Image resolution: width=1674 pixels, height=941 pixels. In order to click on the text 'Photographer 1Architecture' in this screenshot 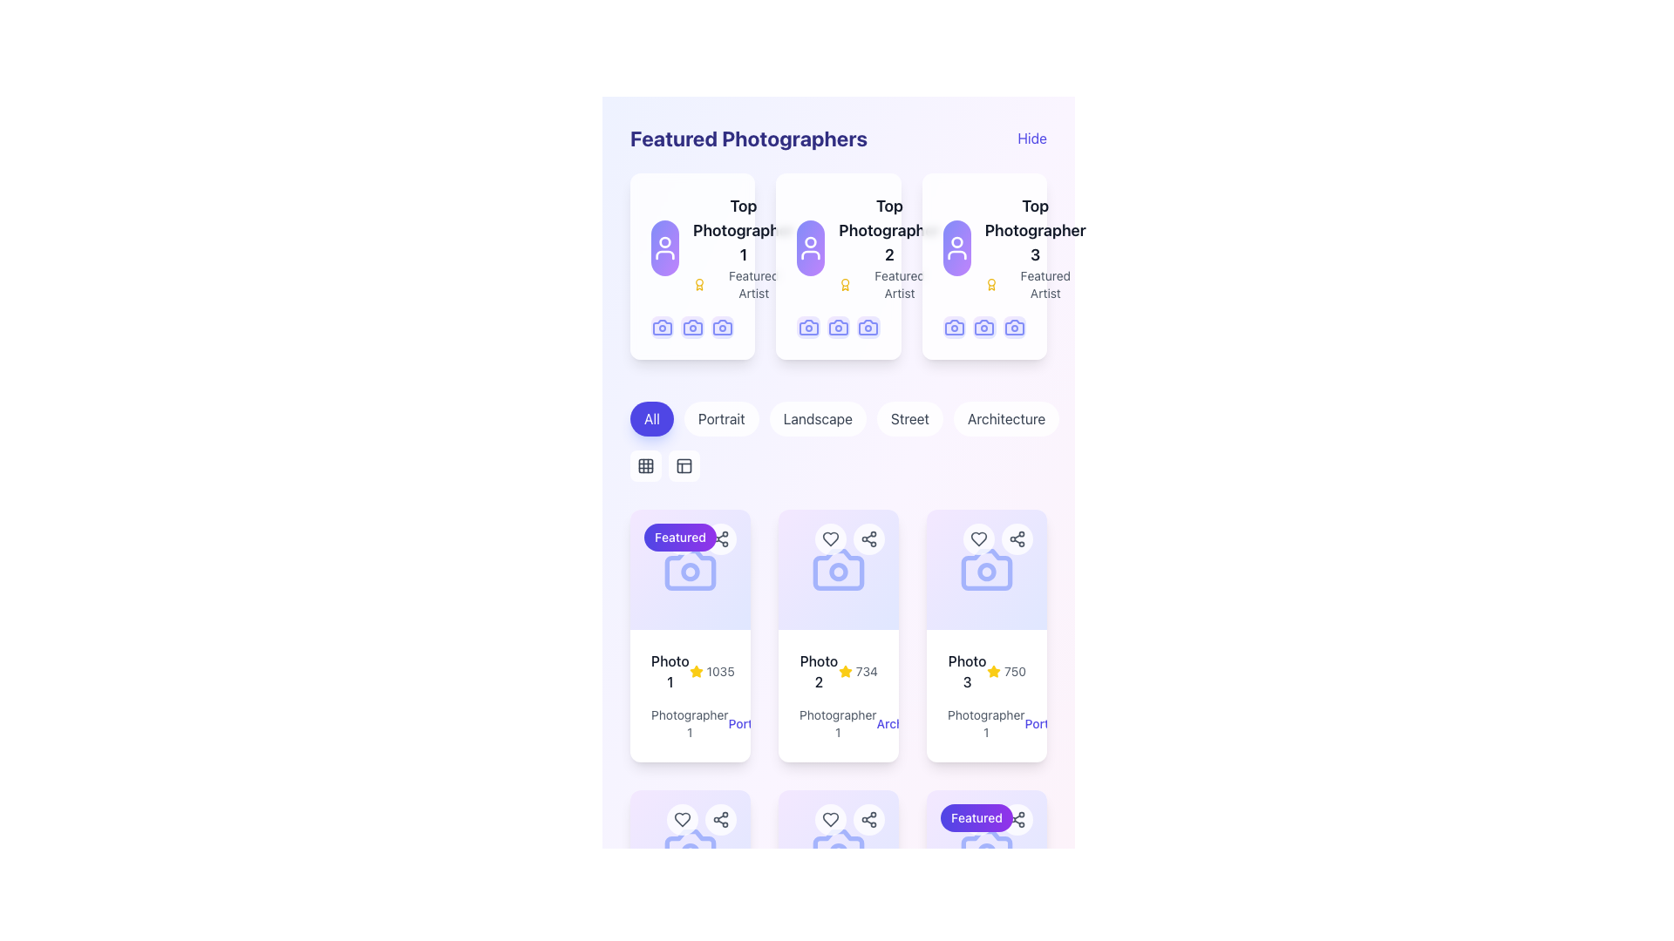, I will do `click(838, 723)`.